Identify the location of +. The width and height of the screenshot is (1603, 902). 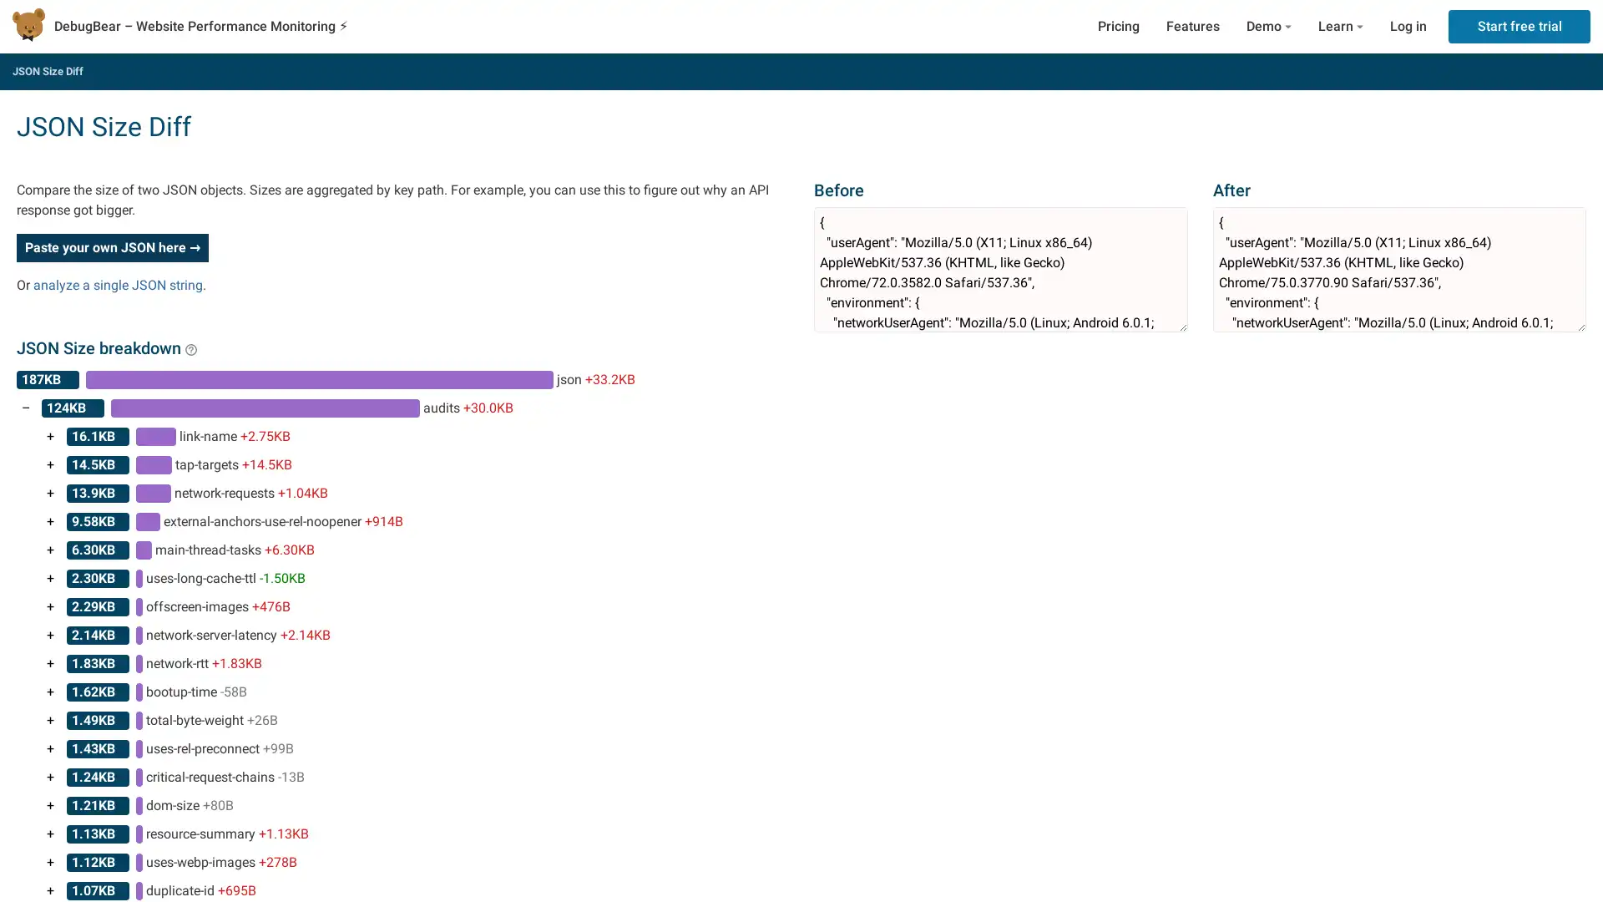
(50, 804).